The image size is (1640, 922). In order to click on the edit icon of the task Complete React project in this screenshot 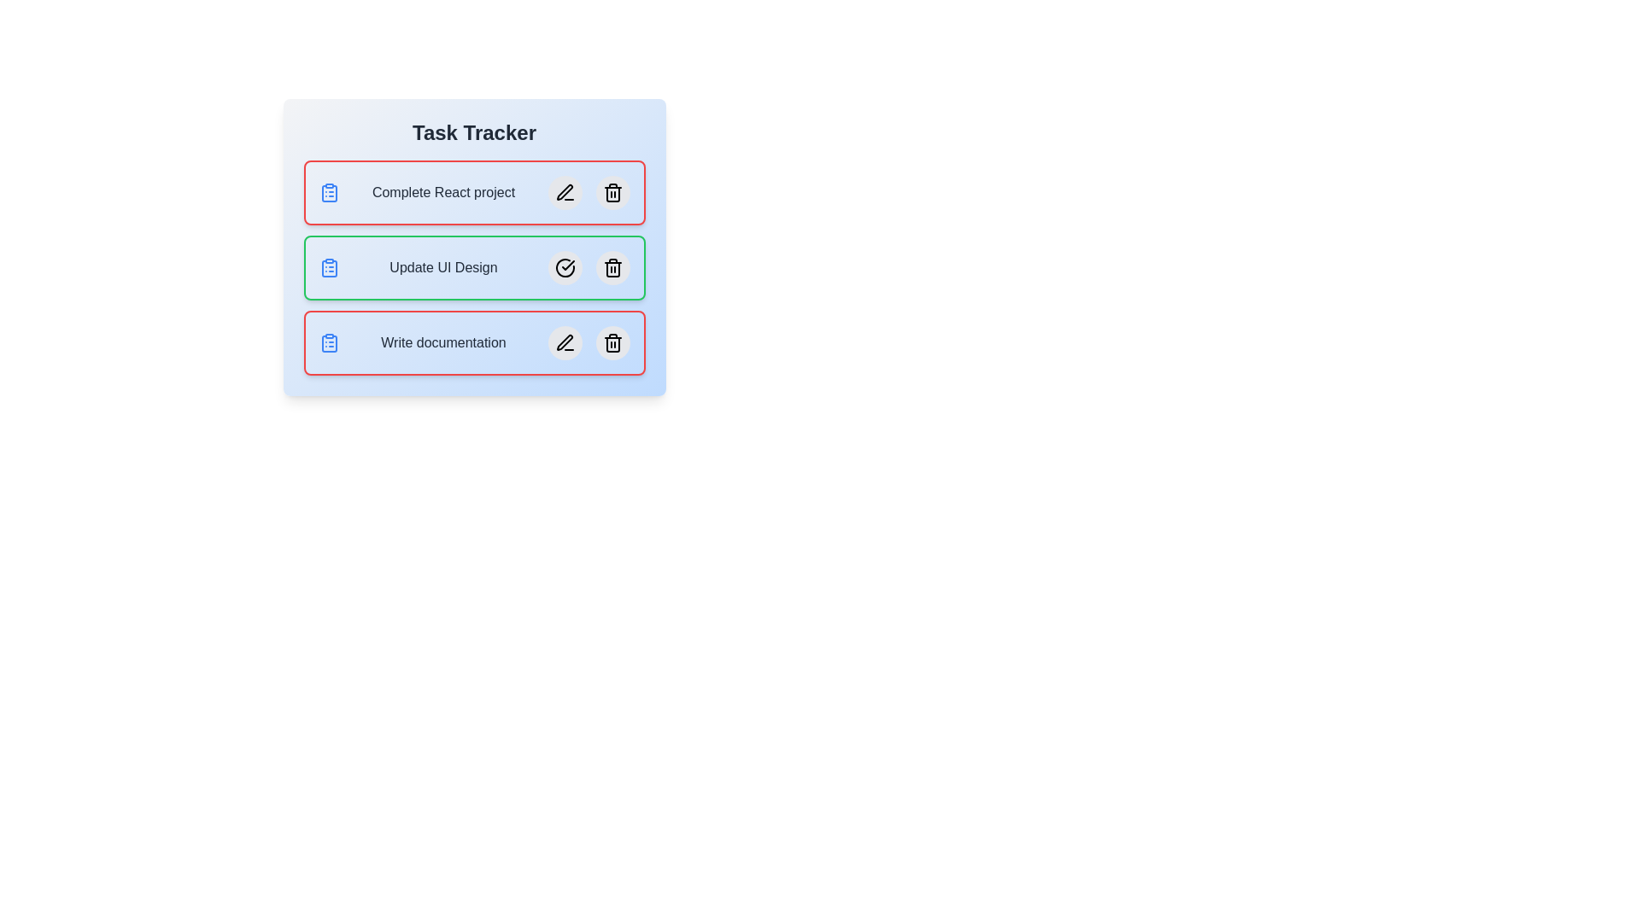, I will do `click(565, 192)`.